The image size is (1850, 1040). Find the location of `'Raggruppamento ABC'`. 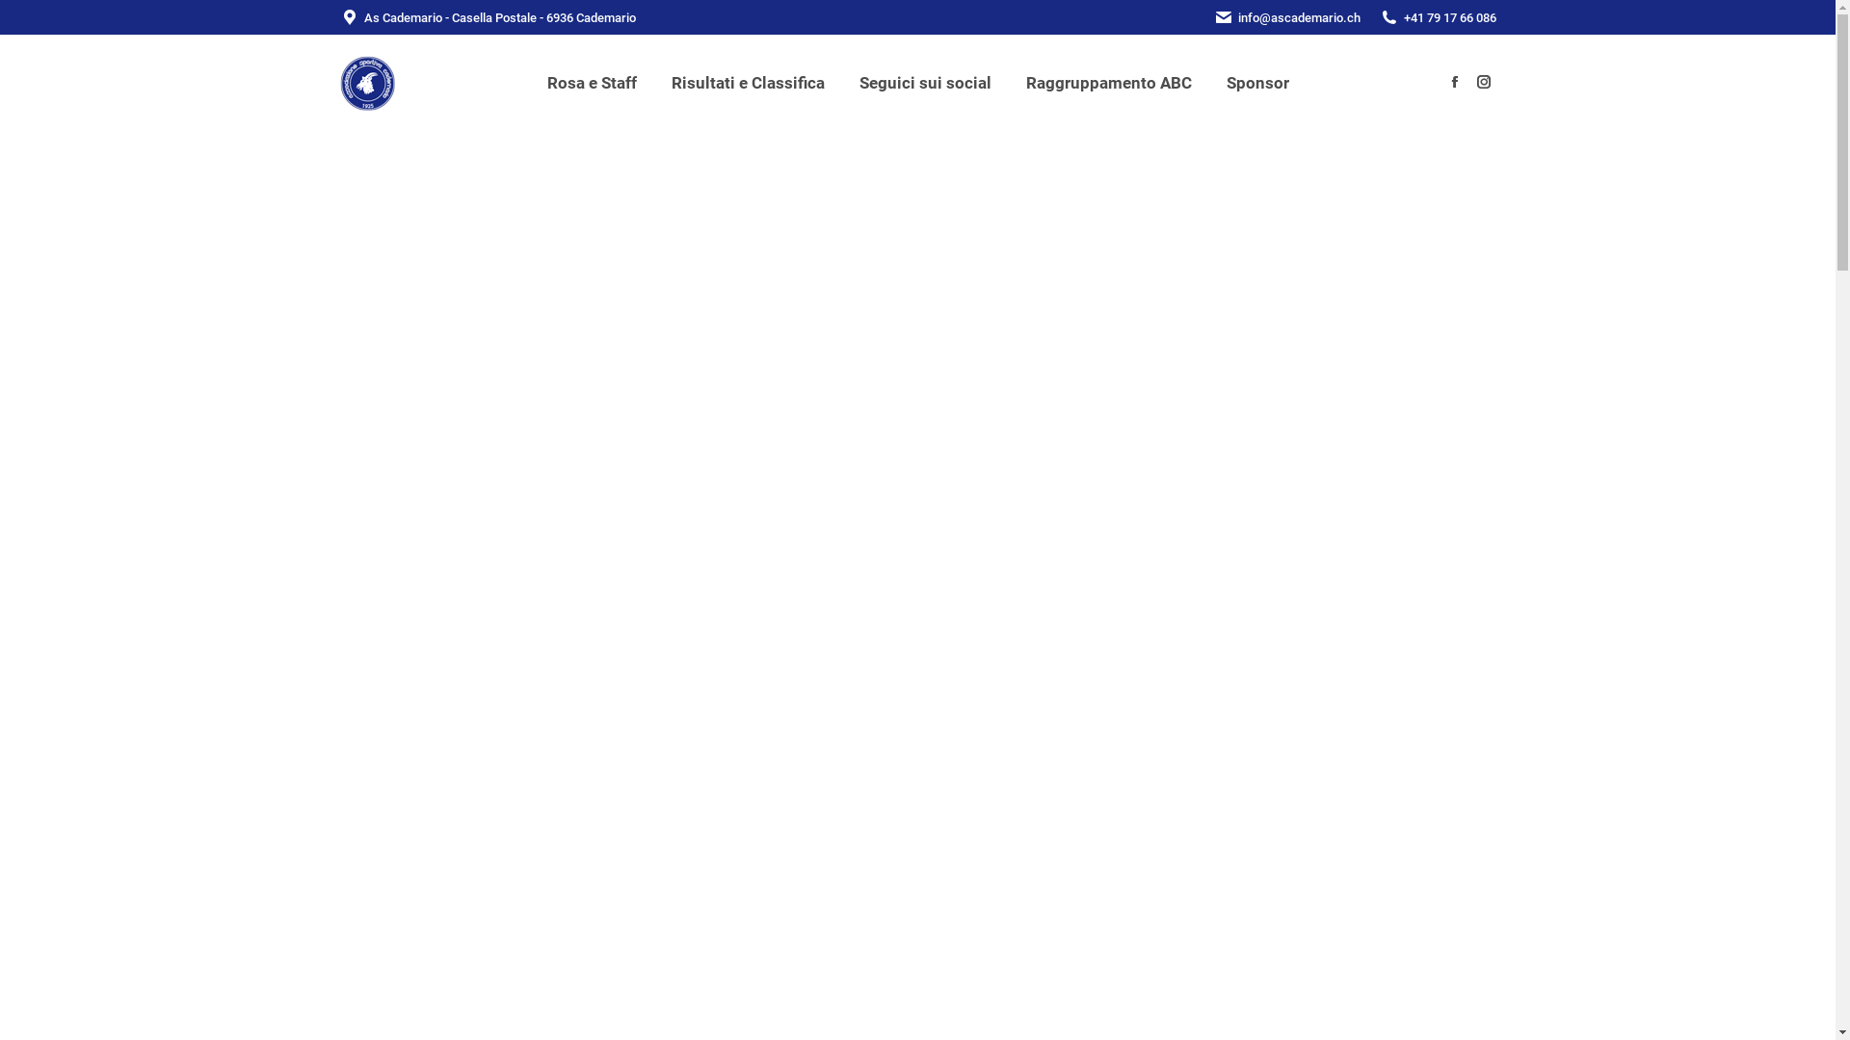

'Raggruppamento ABC' is located at coordinates (1109, 81).